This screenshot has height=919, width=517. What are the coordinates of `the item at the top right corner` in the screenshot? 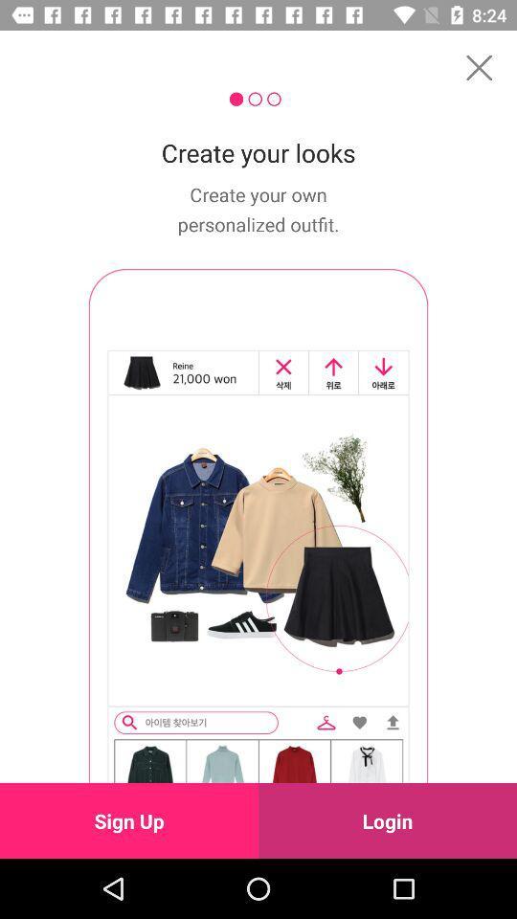 It's located at (478, 67).